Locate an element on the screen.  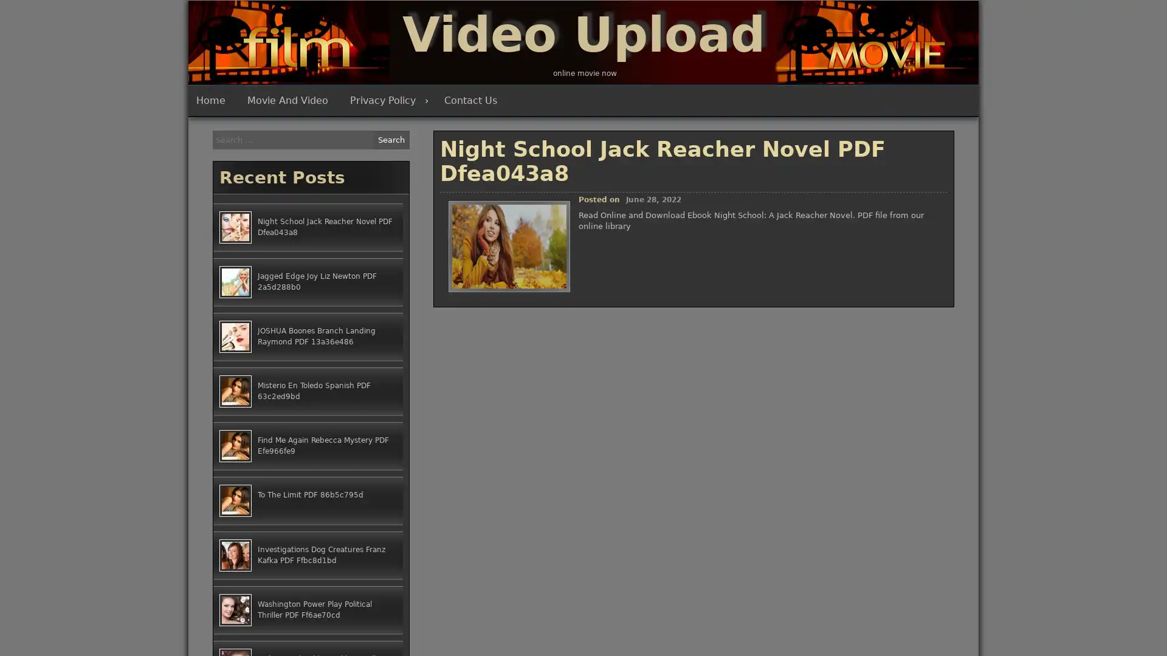
Search is located at coordinates (391, 139).